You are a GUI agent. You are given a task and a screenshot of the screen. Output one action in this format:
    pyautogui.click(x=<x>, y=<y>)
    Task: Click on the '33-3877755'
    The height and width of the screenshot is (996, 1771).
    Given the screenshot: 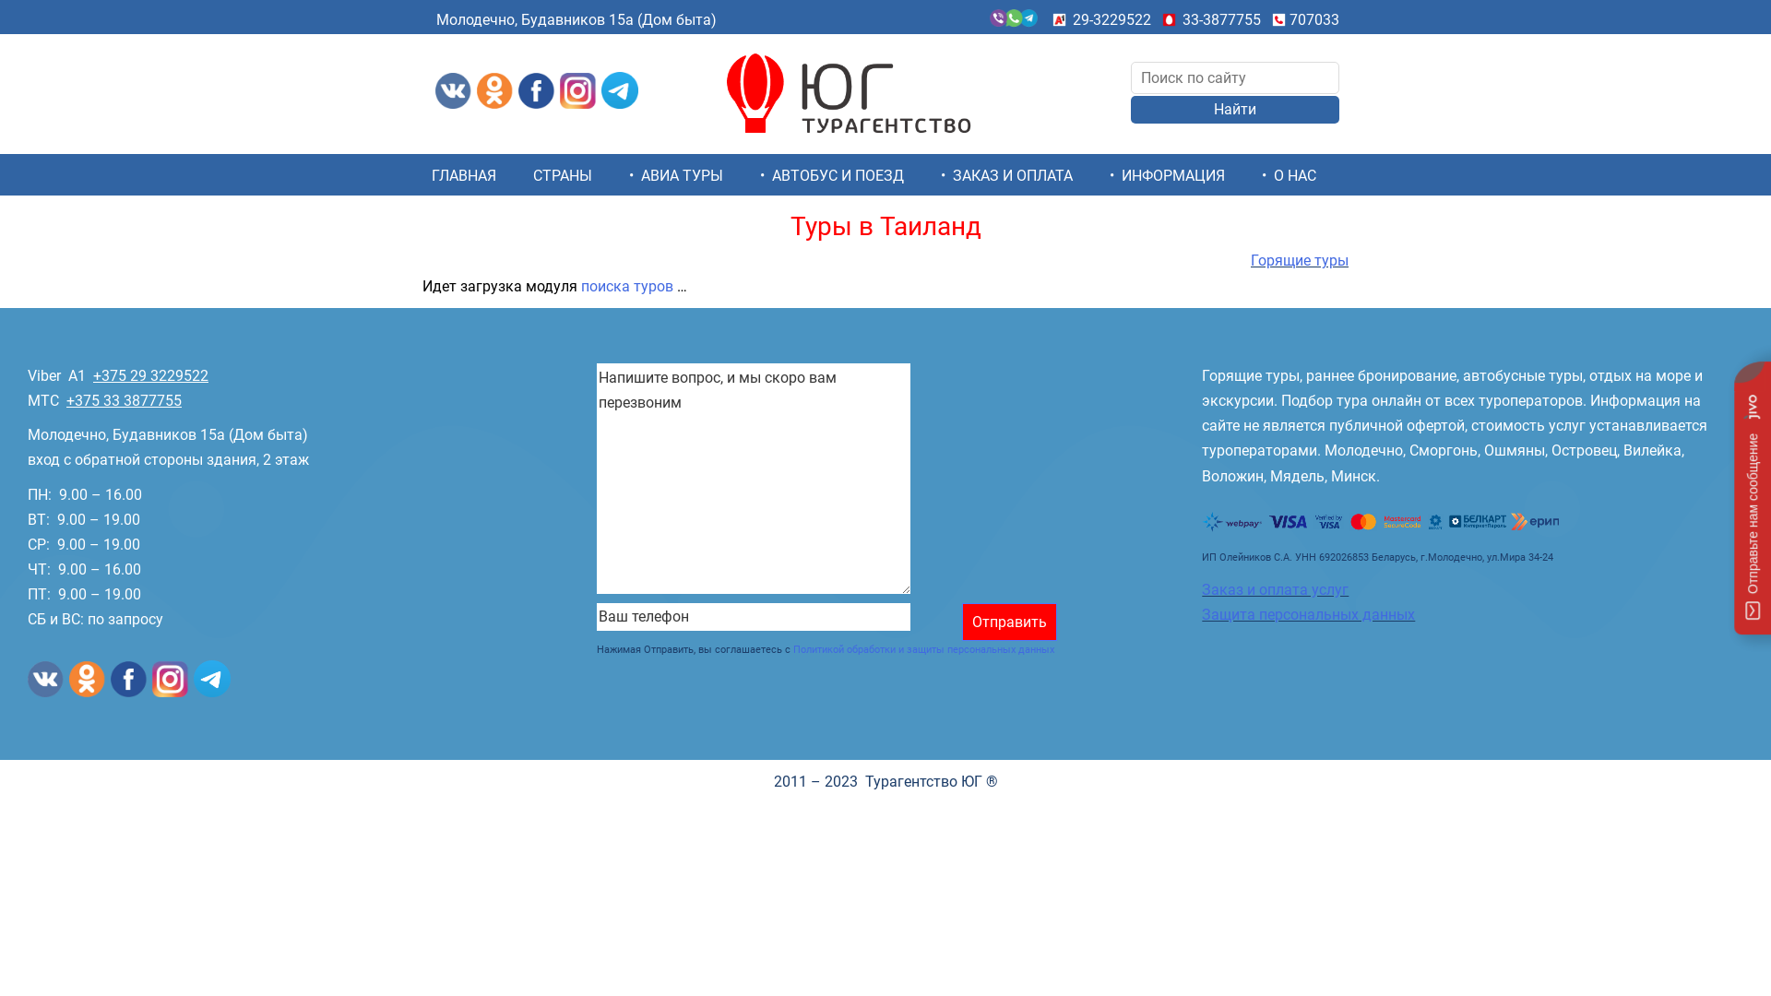 What is the action you would take?
    pyautogui.click(x=1221, y=19)
    